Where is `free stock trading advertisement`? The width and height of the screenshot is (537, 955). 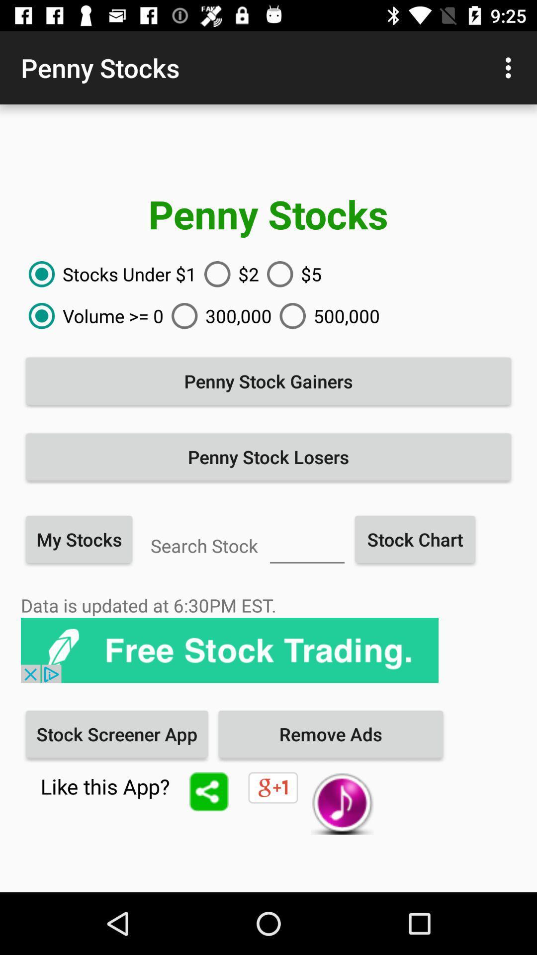 free stock trading advertisement is located at coordinates (230, 650).